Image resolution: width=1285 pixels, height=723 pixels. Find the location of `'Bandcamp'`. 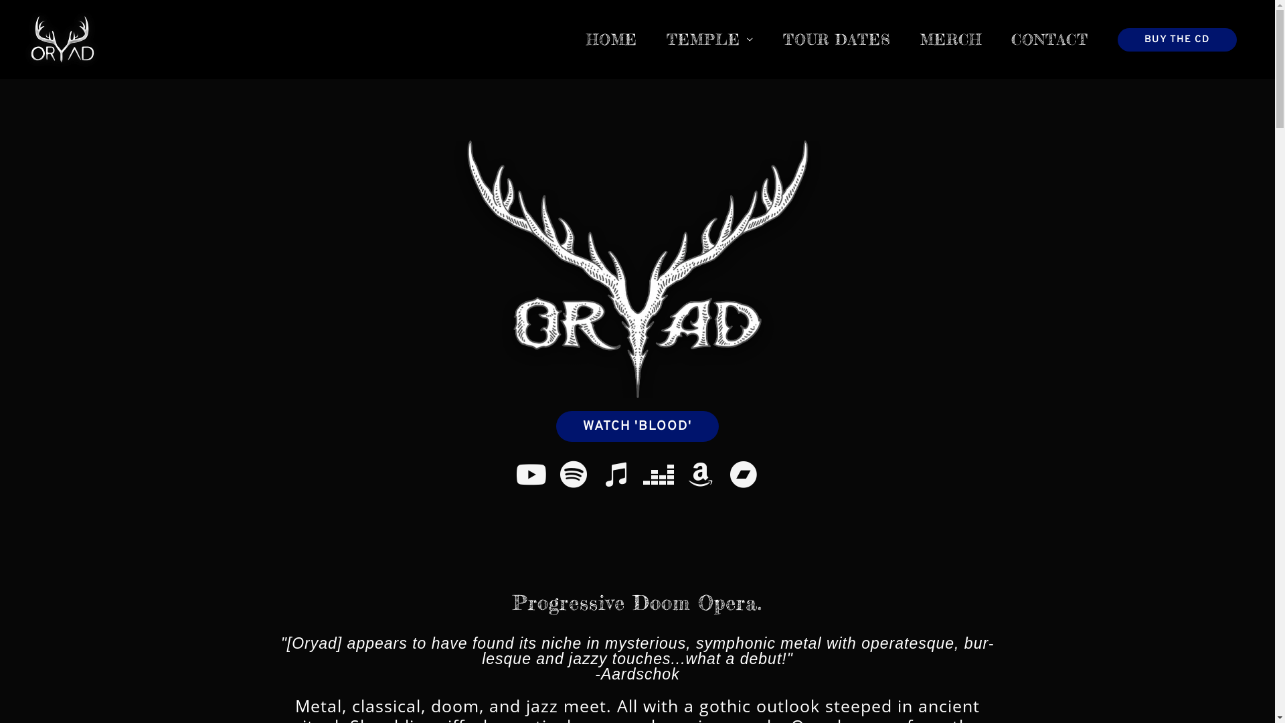

'Bandcamp' is located at coordinates (742, 473).